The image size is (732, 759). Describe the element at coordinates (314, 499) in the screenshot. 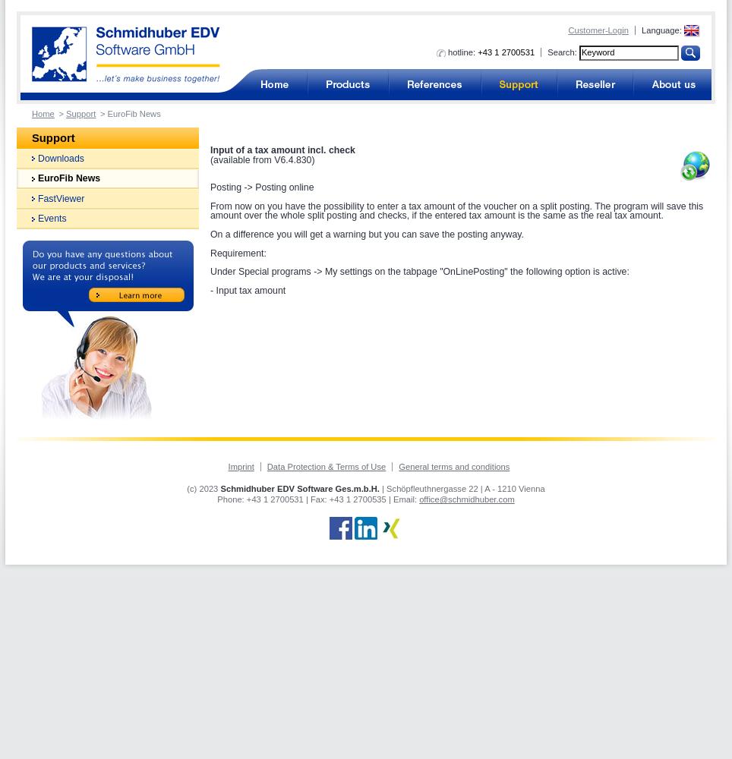

I see `'|  Fax:'` at that location.